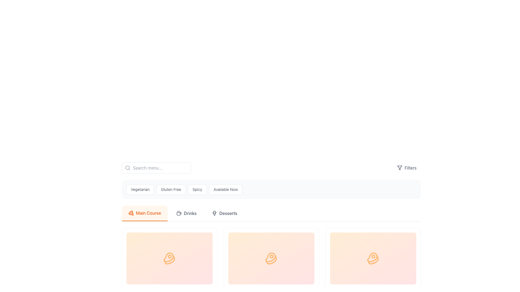 The width and height of the screenshot is (520, 292). What do you see at coordinates (156, 168) in the screenshot?
I see `the search input field with a light gray border and rounded corners, which contains a magnifying glass icon and placeholder text 'Search menu...', to focus it` at bounding box center [156, 168].